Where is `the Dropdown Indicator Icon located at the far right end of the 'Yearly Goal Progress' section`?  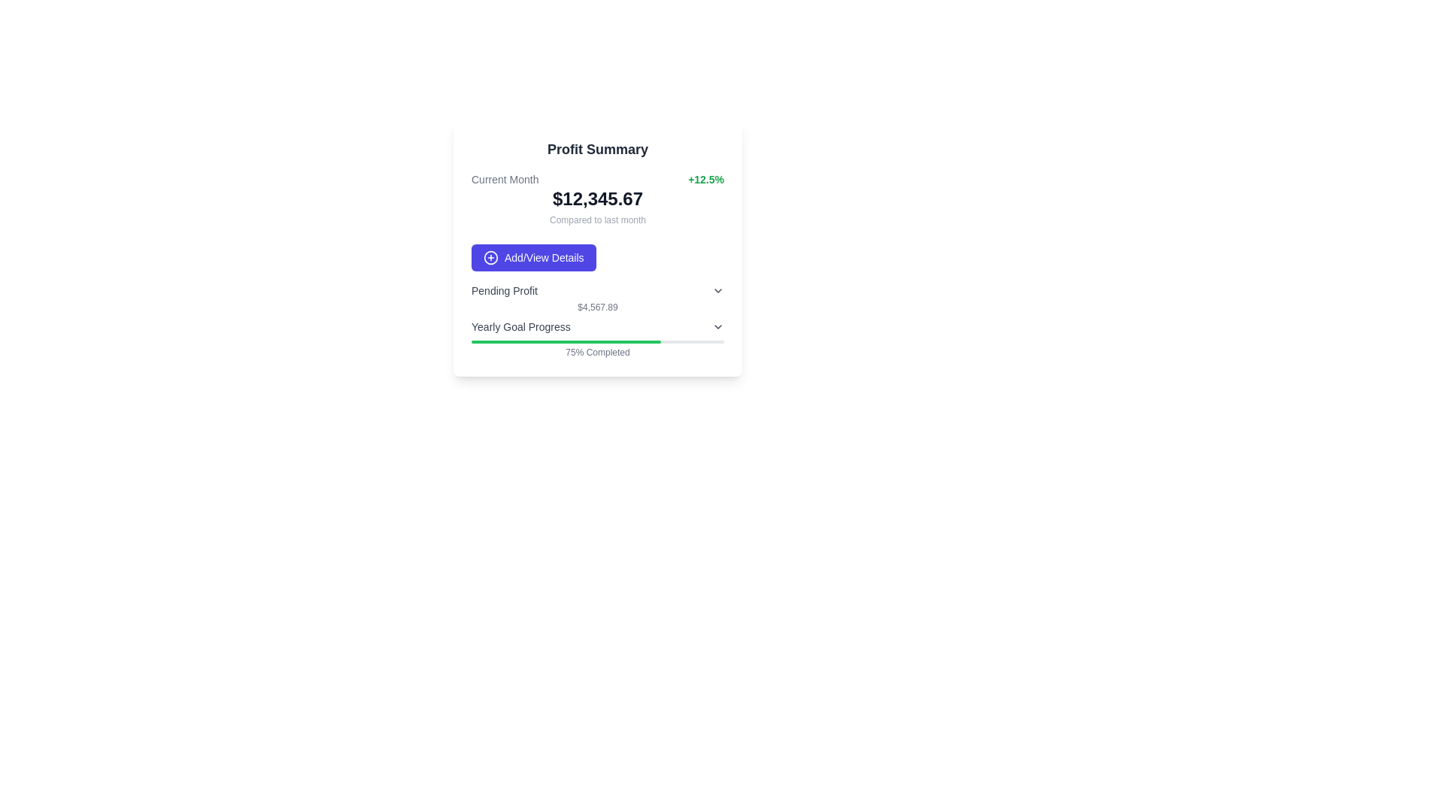 the Dropdown Indicator Icon located at the far right end of the 'Yearly Goal Progress' section is located at coordinates (717, 326).